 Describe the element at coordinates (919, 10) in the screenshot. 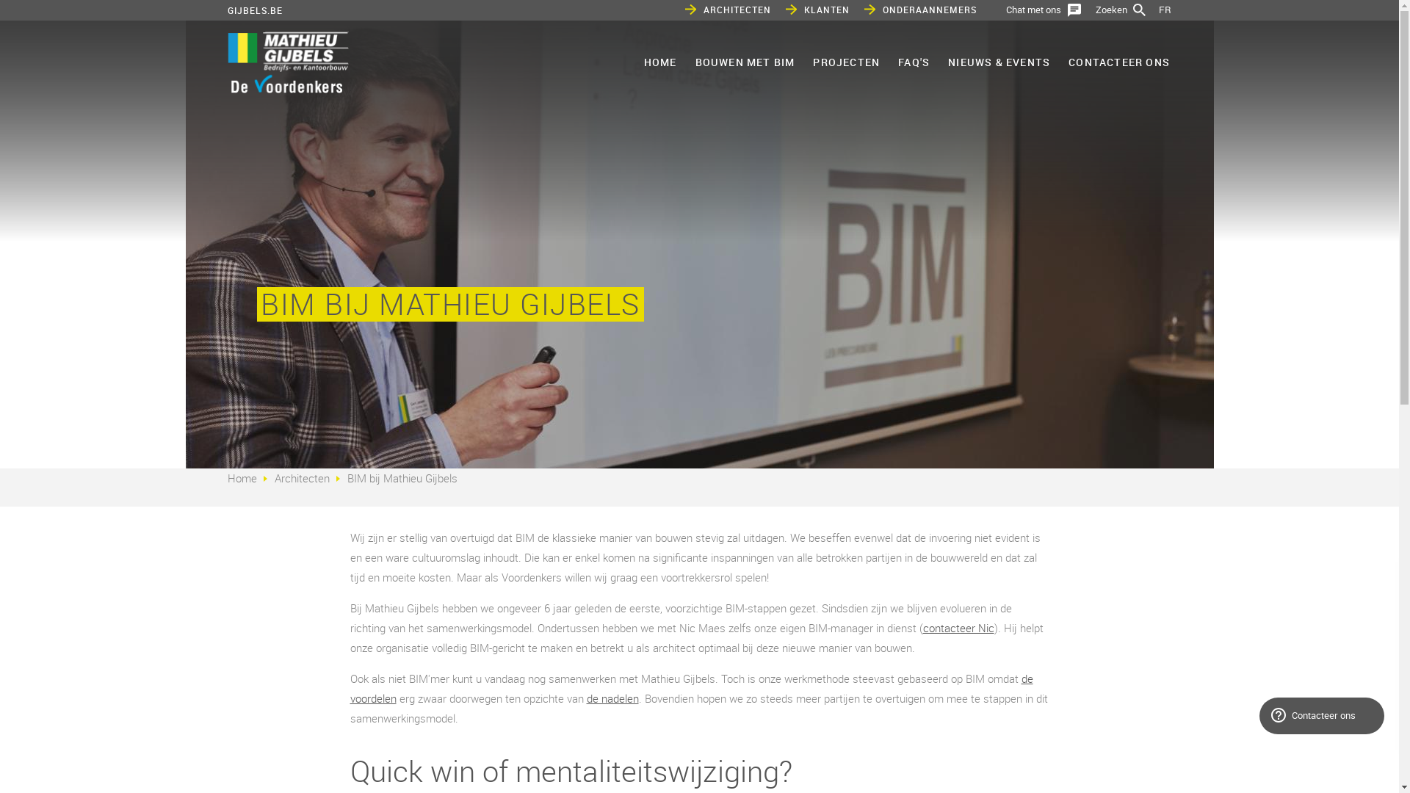

I see `'ONDERAANNEMERS'` at that location.